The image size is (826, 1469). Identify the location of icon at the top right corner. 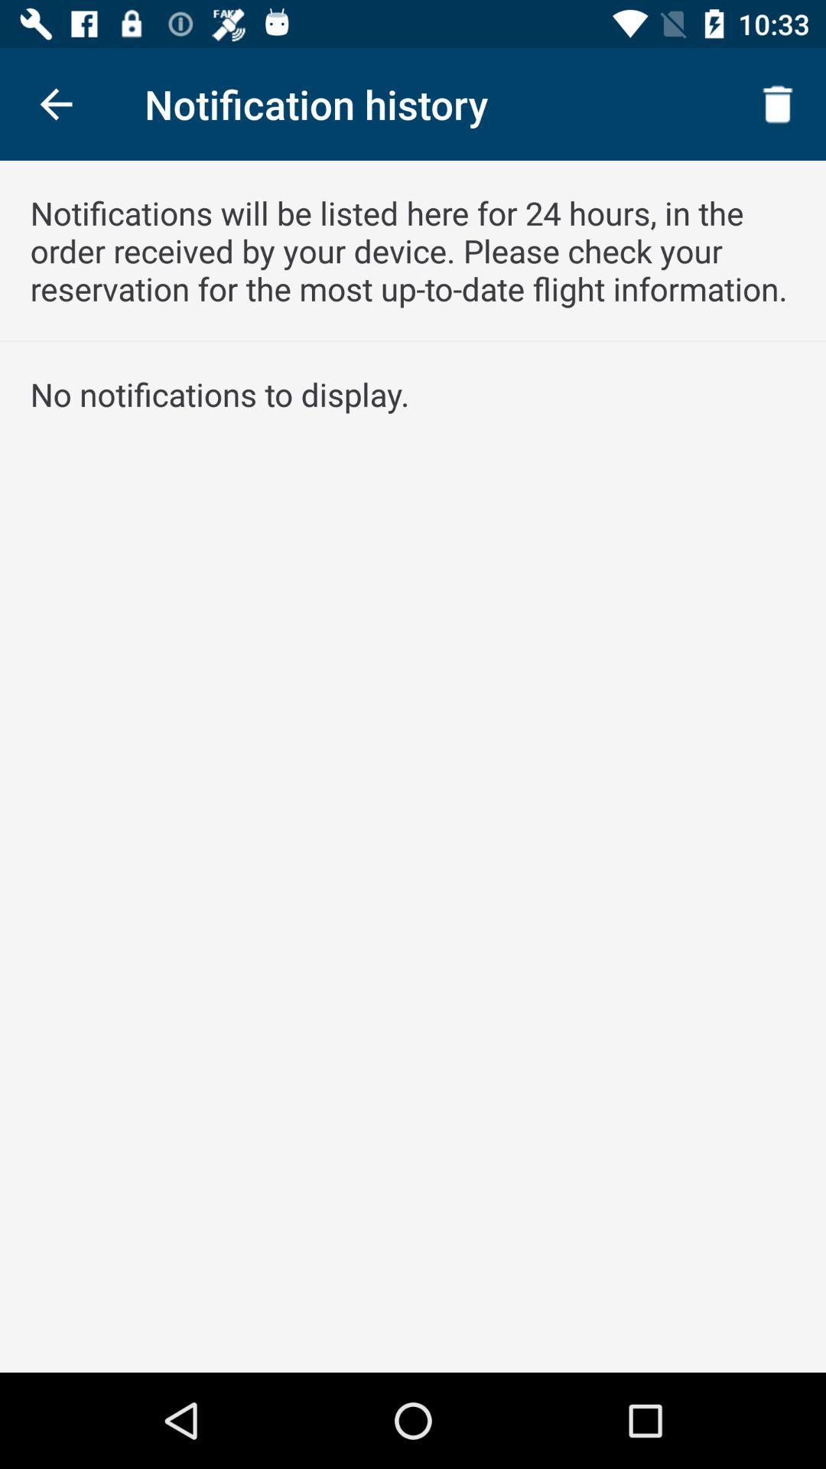
(778, 103).